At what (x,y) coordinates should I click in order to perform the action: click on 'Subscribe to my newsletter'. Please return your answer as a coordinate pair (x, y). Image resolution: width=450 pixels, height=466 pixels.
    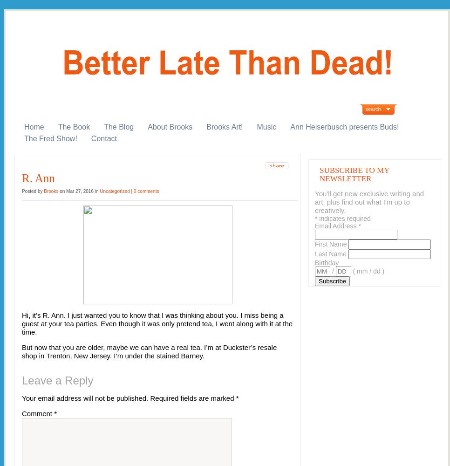
    Looking at the image, I should click on (319, 174).